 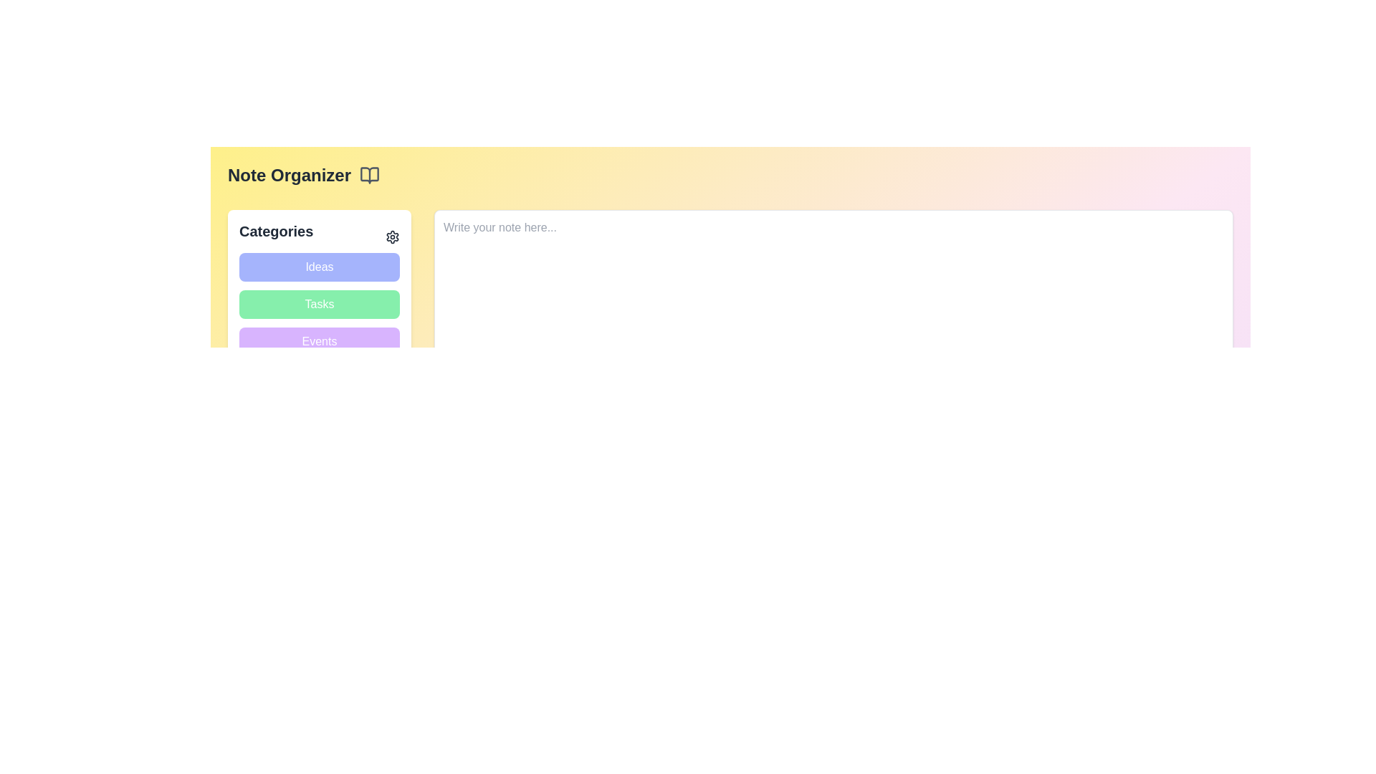 What do you see at coordinates (370, 175) in the screenshot?
I see `the design of the decorative icon located to the immediate right of the 'Note Organizer' heading` at bounding box center [370, 175].